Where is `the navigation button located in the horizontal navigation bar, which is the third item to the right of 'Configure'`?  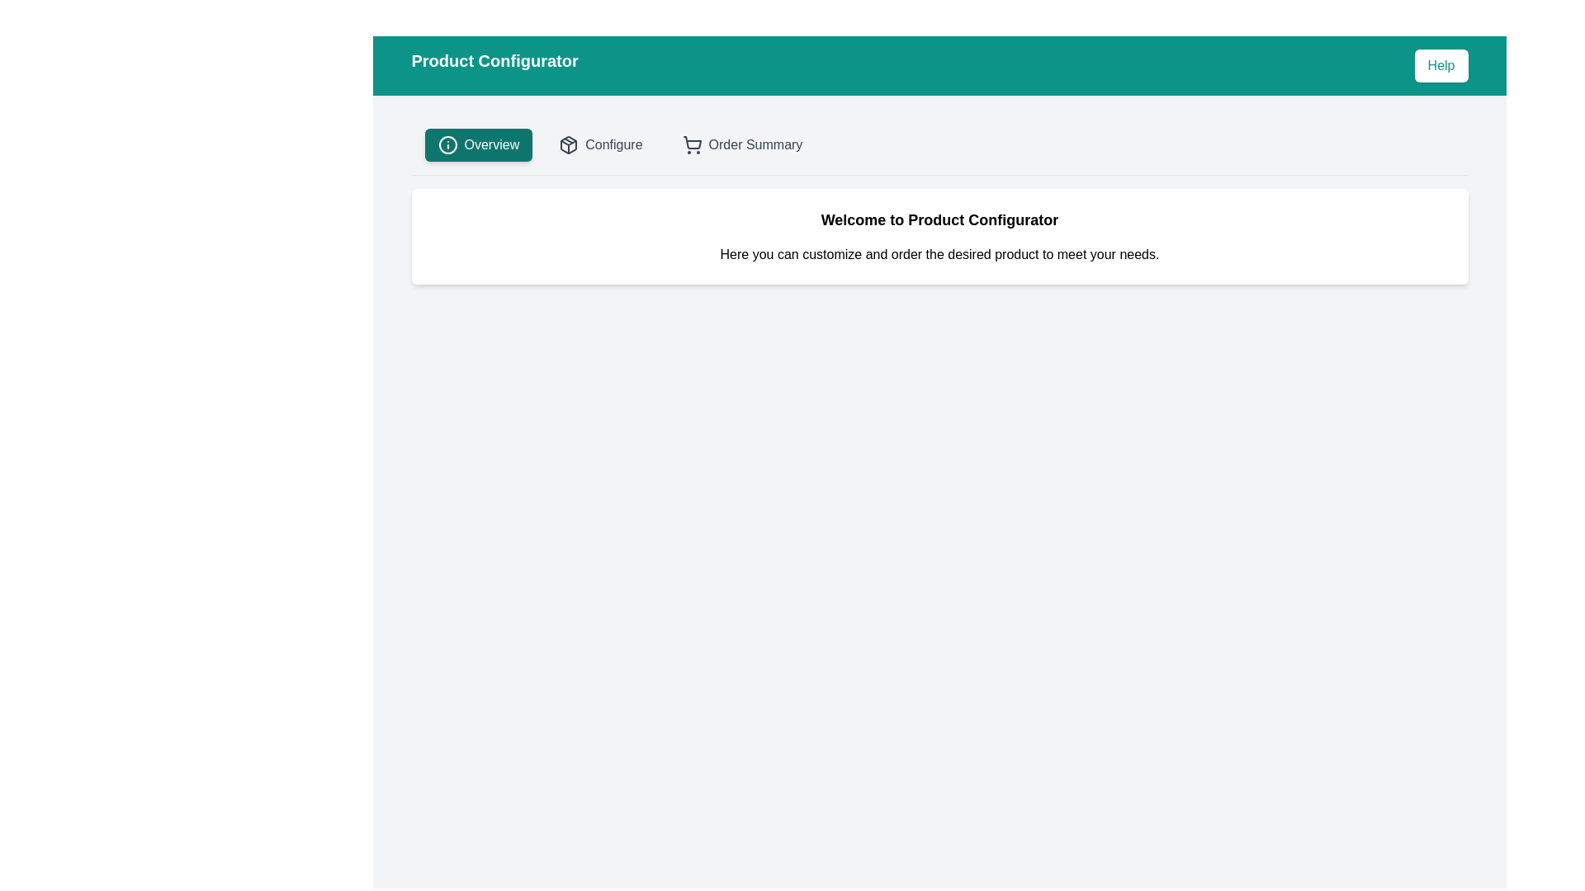 the navigation button located in the horizontal navigation bar, which is the third item to the right of 'Configure' is located at coordinates (741, 144).